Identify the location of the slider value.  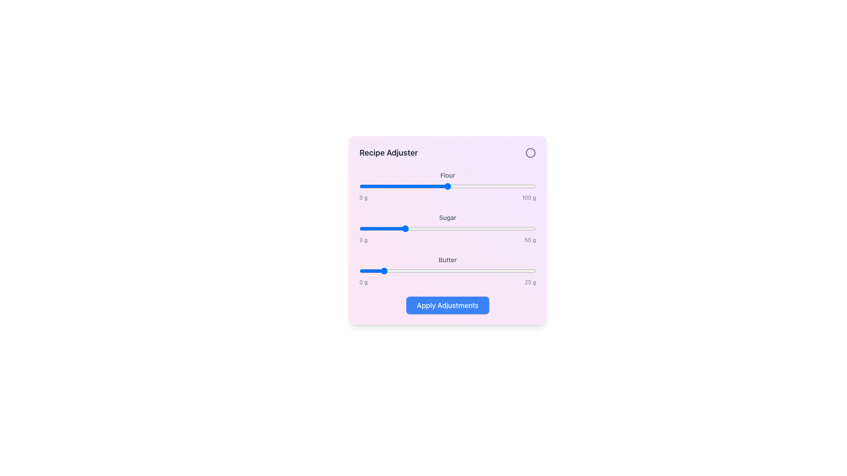
(451, 186).